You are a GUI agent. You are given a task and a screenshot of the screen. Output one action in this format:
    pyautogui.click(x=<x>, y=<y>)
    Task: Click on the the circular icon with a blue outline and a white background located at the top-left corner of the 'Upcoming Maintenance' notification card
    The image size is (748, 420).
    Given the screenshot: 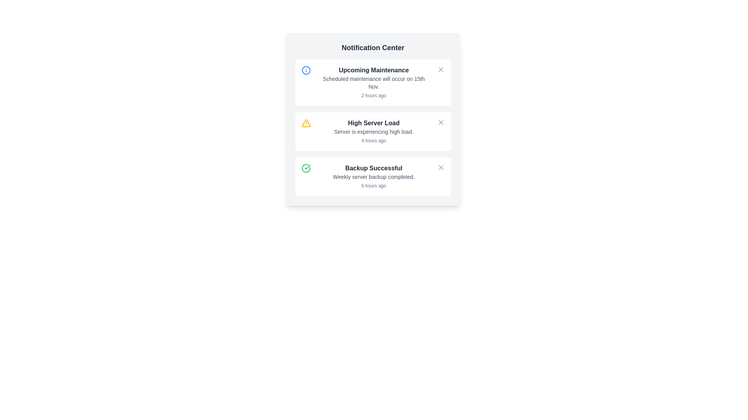 What is the action you would take?
    pyautogui.click(x=305, y=70)
    